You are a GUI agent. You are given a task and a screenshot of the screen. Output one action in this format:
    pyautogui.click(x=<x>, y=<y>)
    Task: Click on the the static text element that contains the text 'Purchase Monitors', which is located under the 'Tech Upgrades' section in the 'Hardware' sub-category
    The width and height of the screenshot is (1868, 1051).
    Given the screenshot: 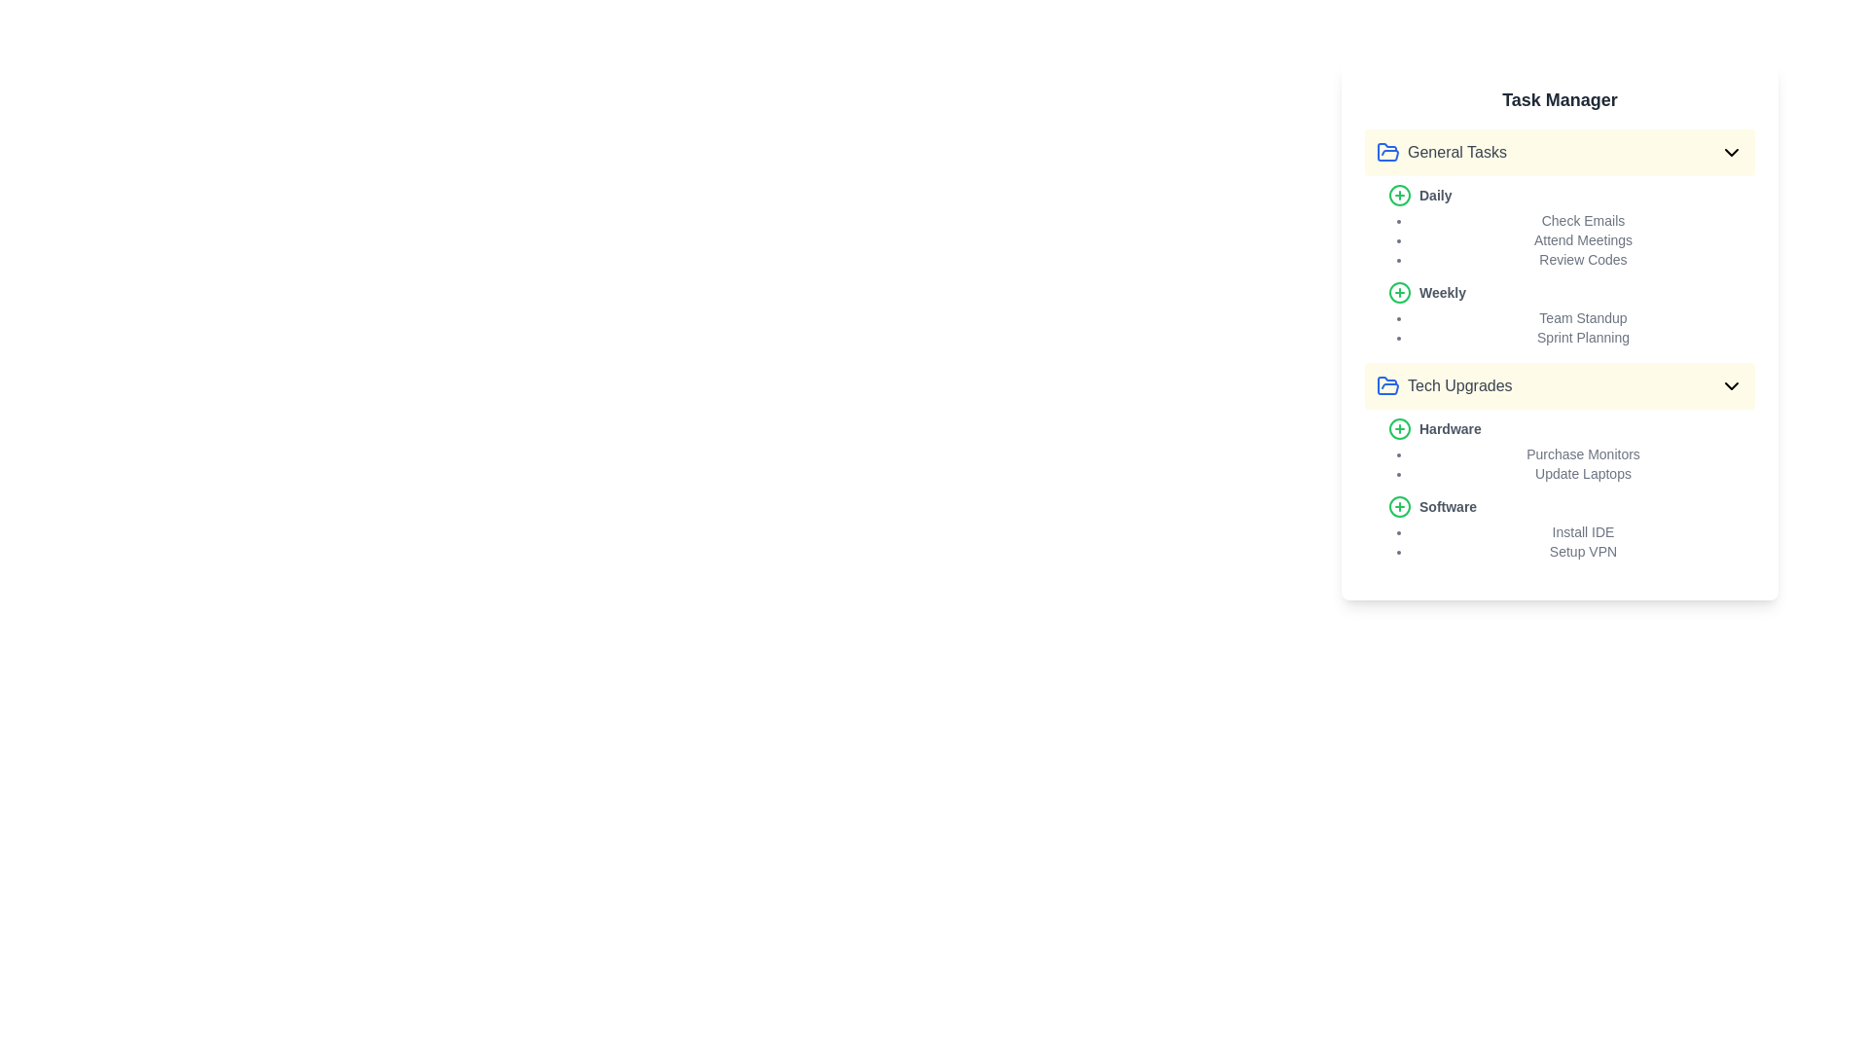 What is the action you would take?
    pyautogui.click(x=1583, y=453)
    